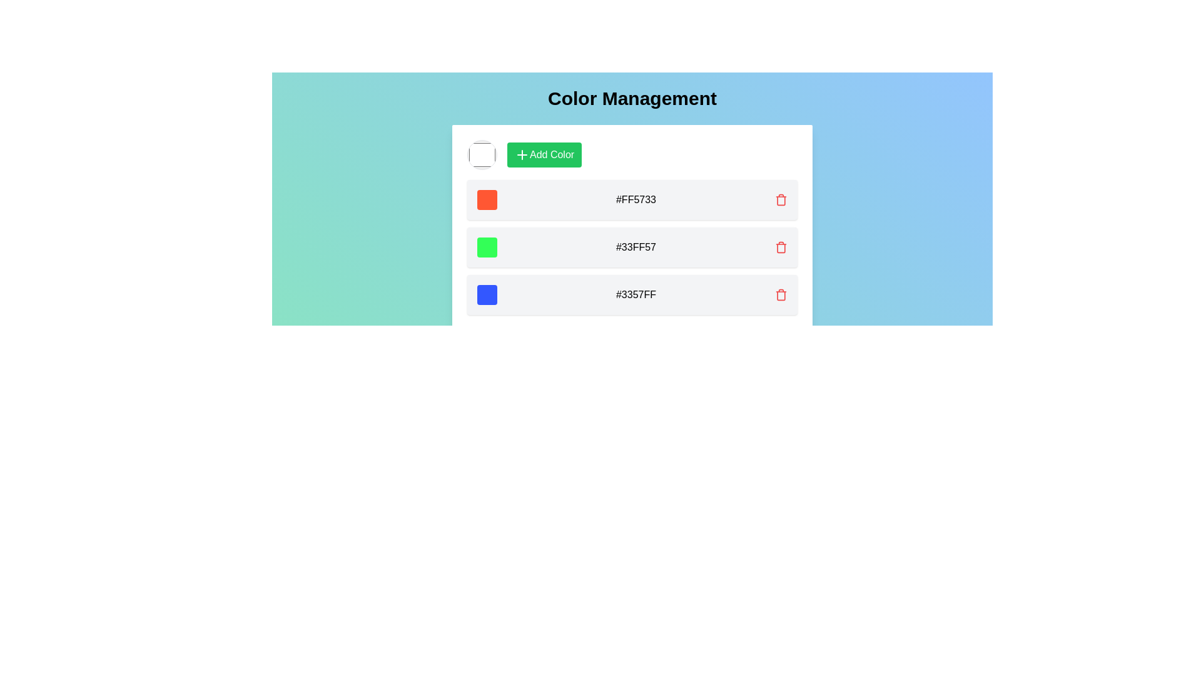 This screenshot has height=675, width=1201. I want to click on the third interactive trash icon in the 'Color Management' interface, located to the far right of the row containing the text '#33FF57', so click(780, 247).